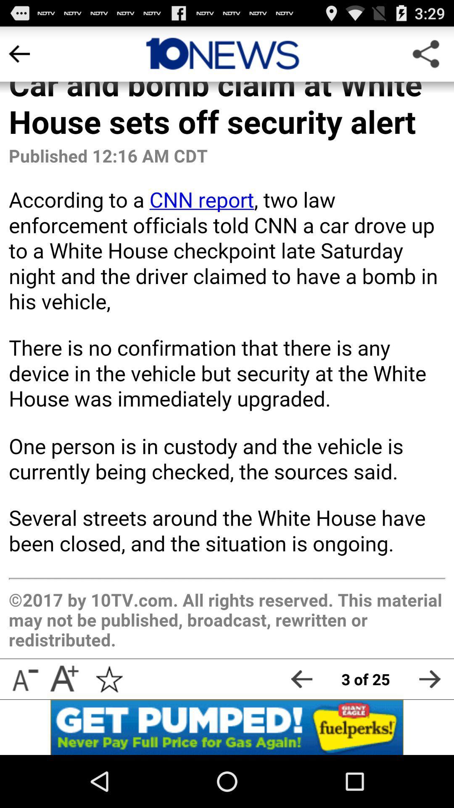  Describe the element at coordinates (425, 53) in the screenshot. I see `share article` at that location.